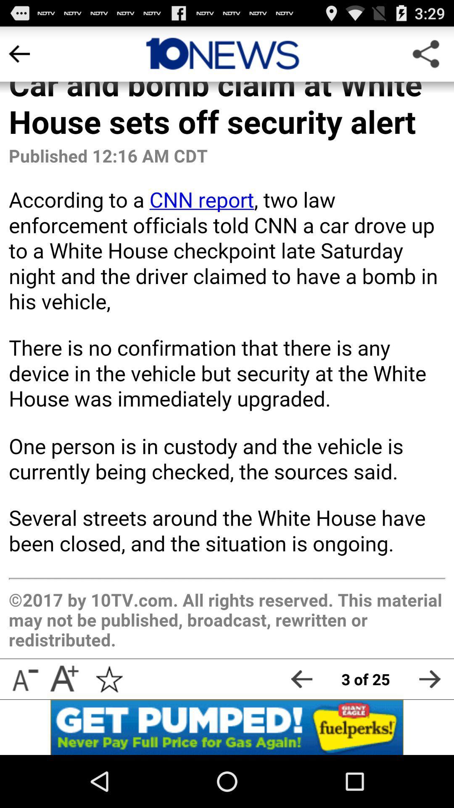  Describe the element at coordinates (425, 53) in the screenshot. I see `share article` at that location.